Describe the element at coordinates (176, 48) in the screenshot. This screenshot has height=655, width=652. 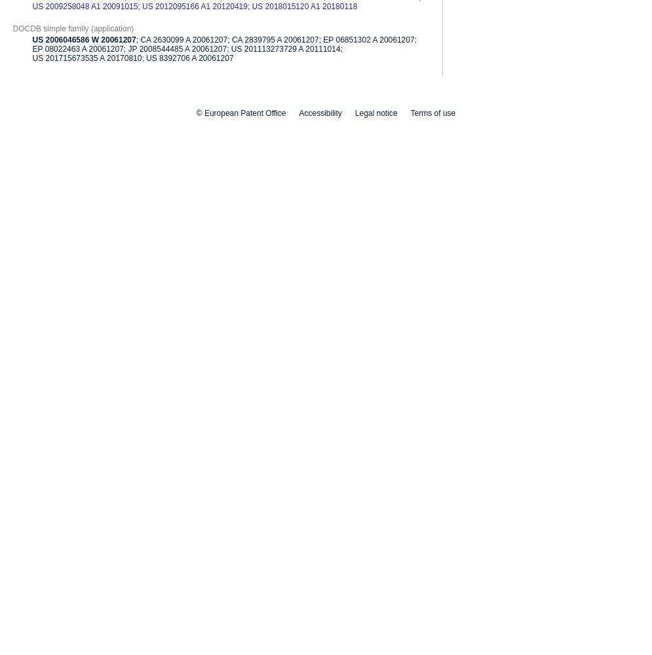
I see `'JP 2008544485 A 20061207'` at that location.